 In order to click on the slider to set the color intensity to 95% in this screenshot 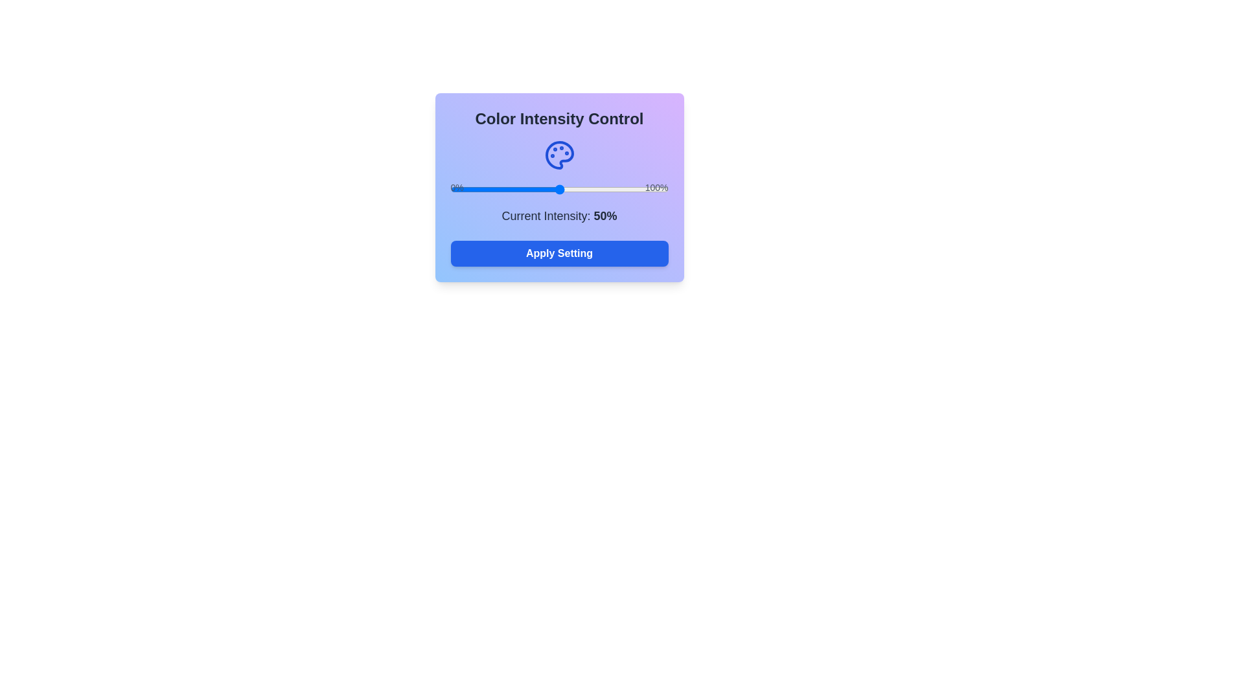, I will do `click(657, 190)`.